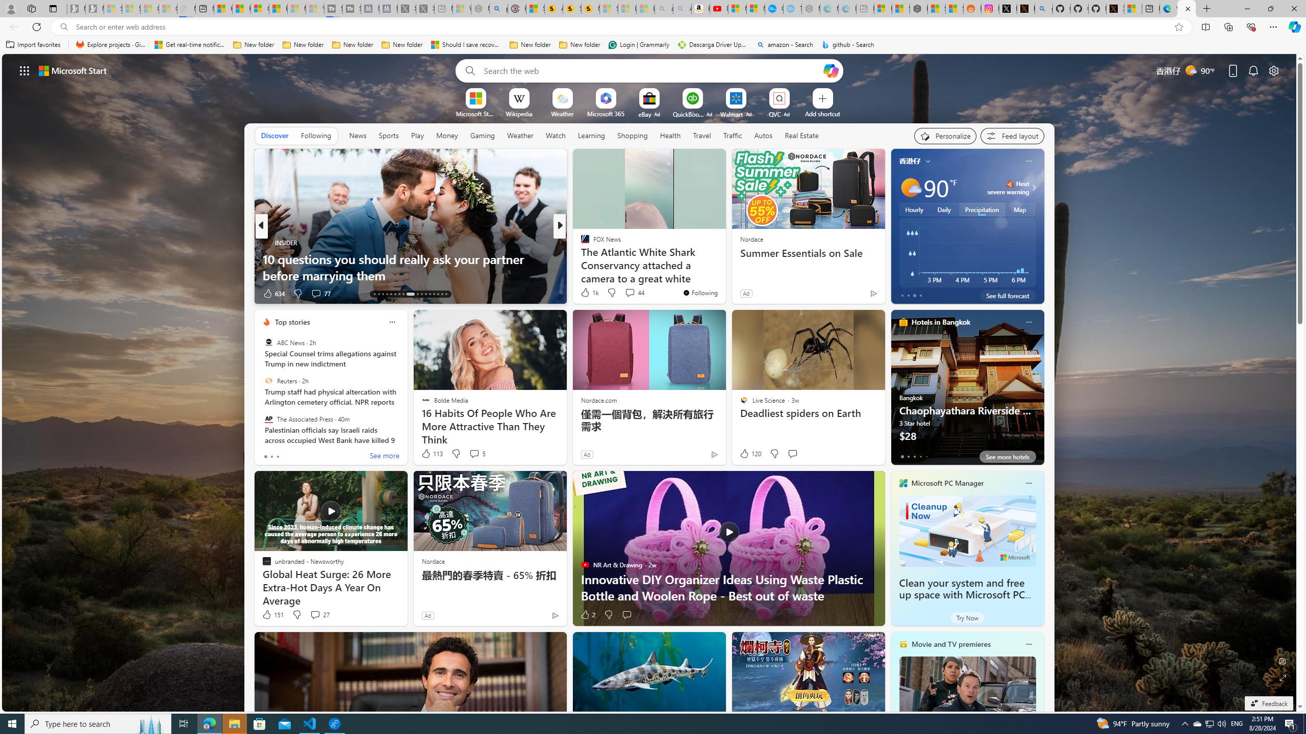  I want to click on 'View comments 5 Comment', so click(476, 453).